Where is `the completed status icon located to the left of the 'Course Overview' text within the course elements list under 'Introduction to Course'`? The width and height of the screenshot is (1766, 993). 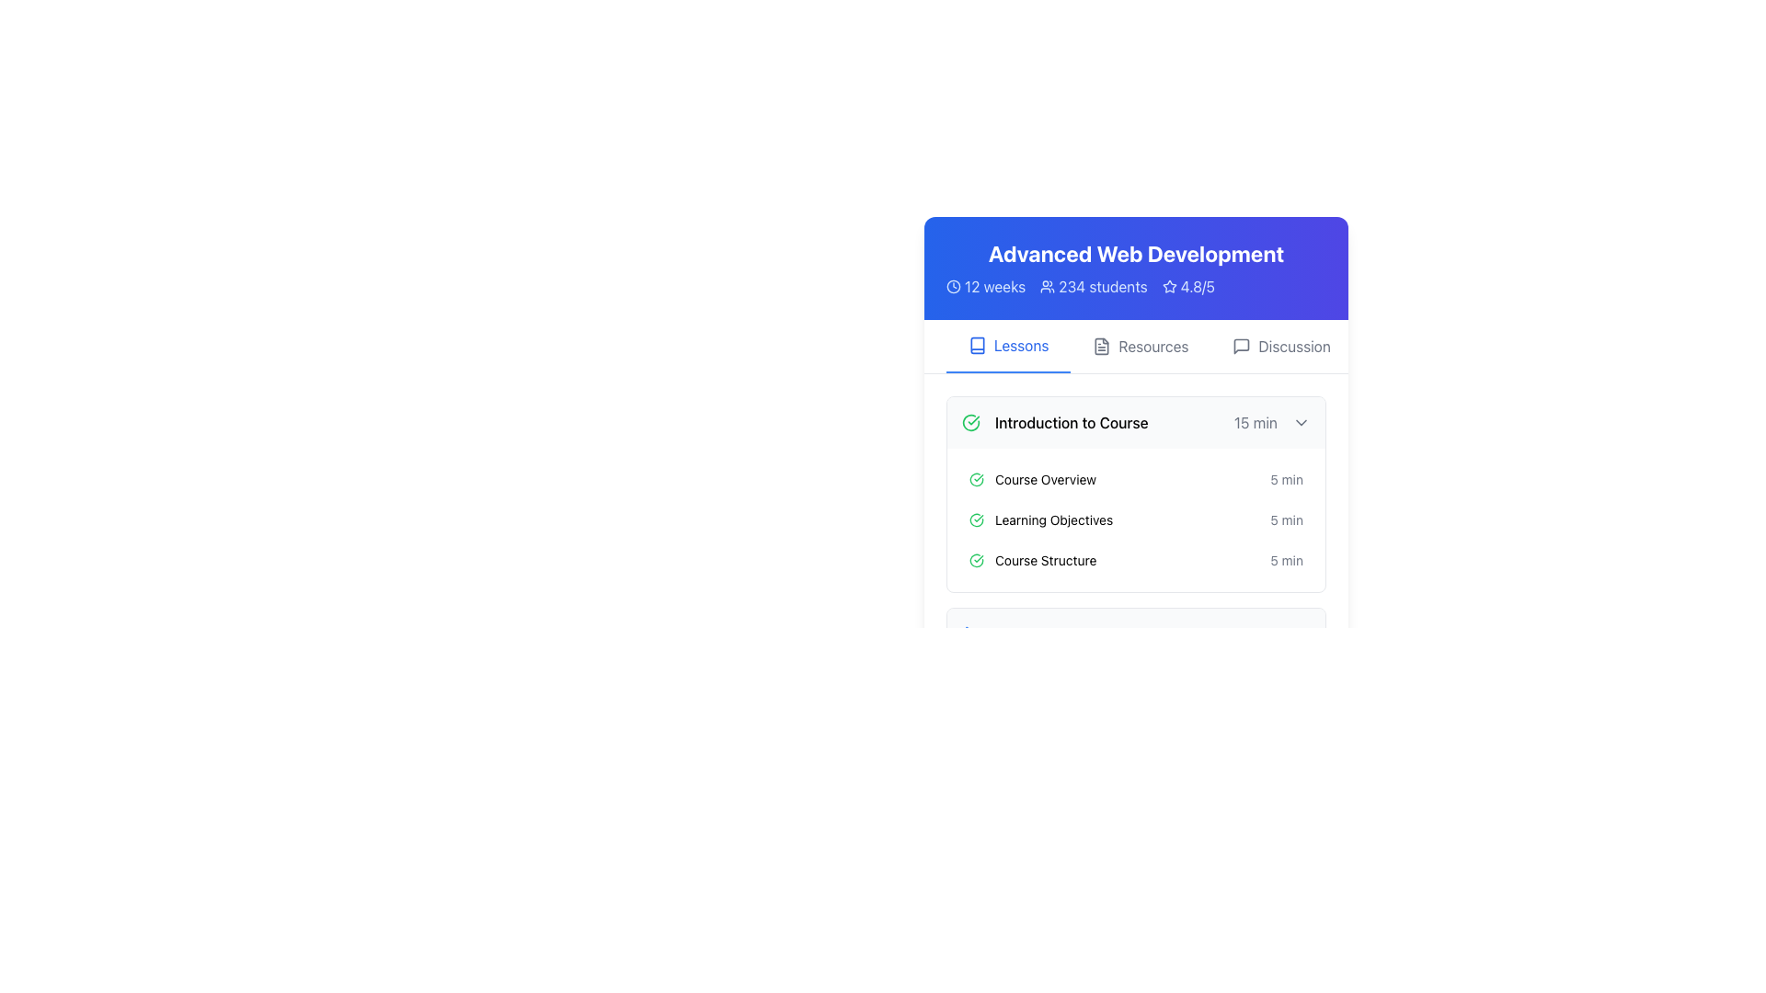
the completed status icon located to the left of the 'Course Overview' text within the course elements list under 'Introduction to Course' is located at coordinates (975, 478).